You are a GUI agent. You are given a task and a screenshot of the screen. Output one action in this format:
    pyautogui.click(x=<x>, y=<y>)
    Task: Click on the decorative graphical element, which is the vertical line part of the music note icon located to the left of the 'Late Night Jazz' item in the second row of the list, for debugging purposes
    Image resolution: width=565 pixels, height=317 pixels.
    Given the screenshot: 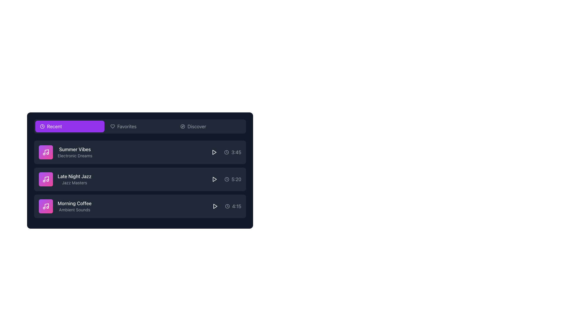 What is the action you would take?
    pyautogui.click(x=46, y=178)
    